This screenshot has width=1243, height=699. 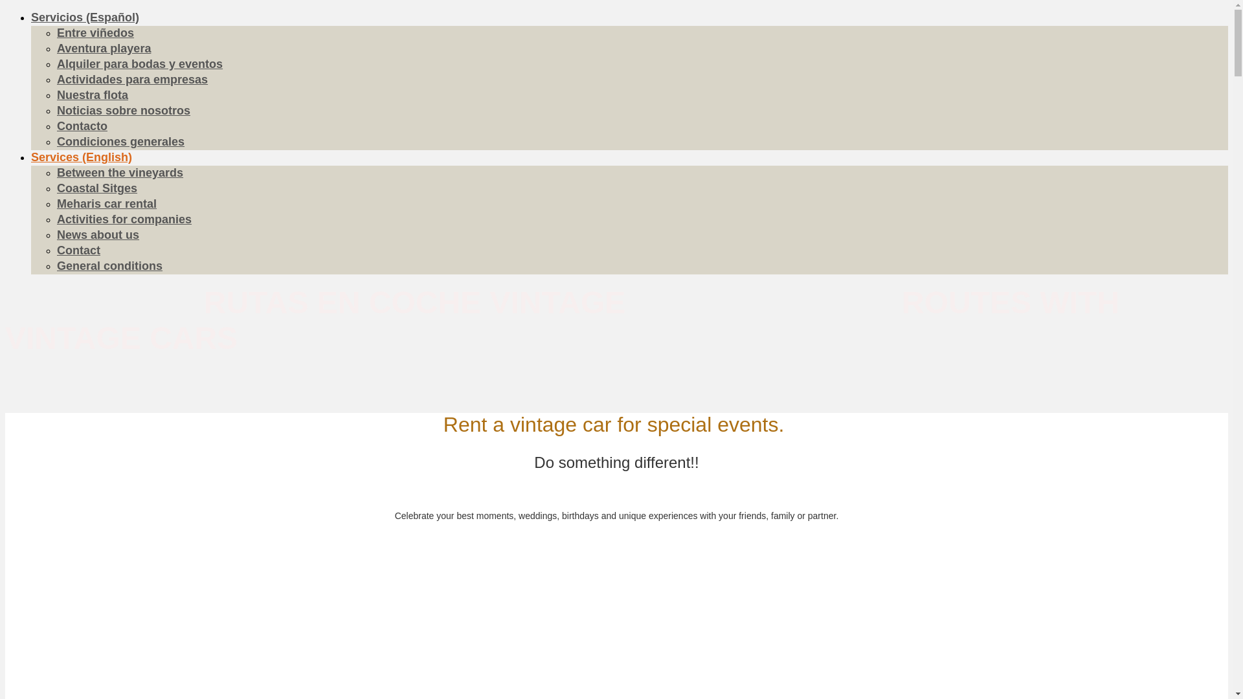 I want to click on 'Activities for companies', so click(x=124, y=219).